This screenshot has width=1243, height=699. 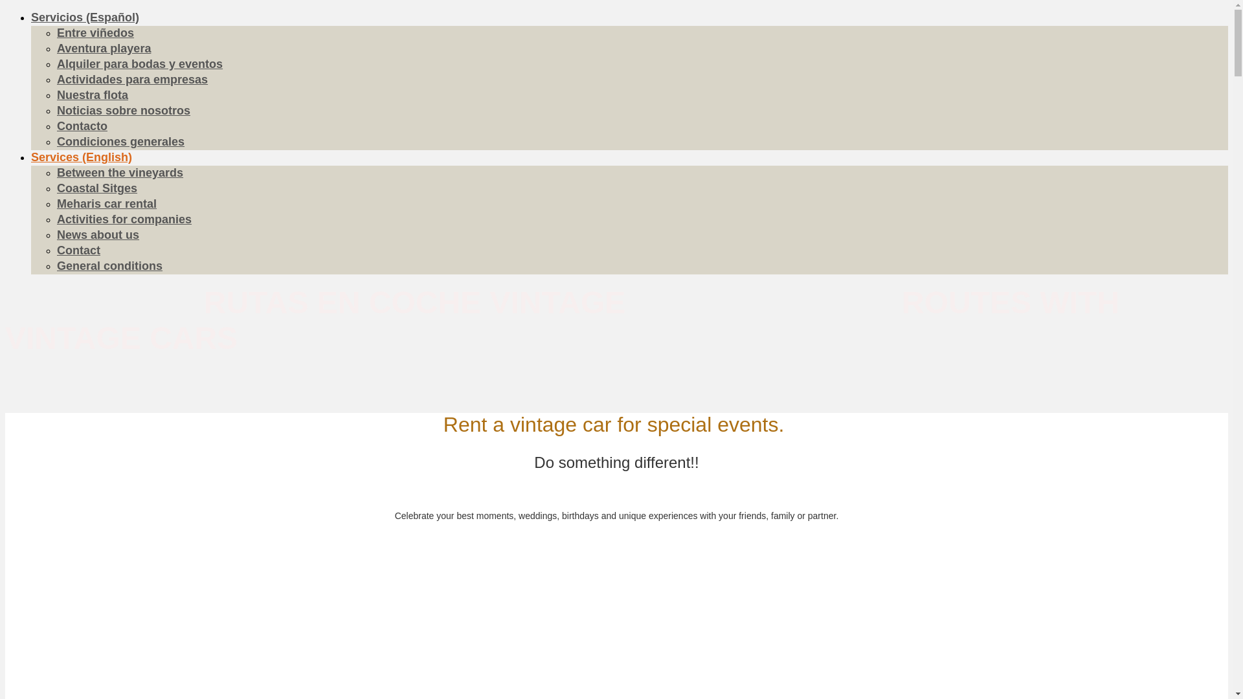 I want to click on 'Activities for companies', so click(x=124, y=219).